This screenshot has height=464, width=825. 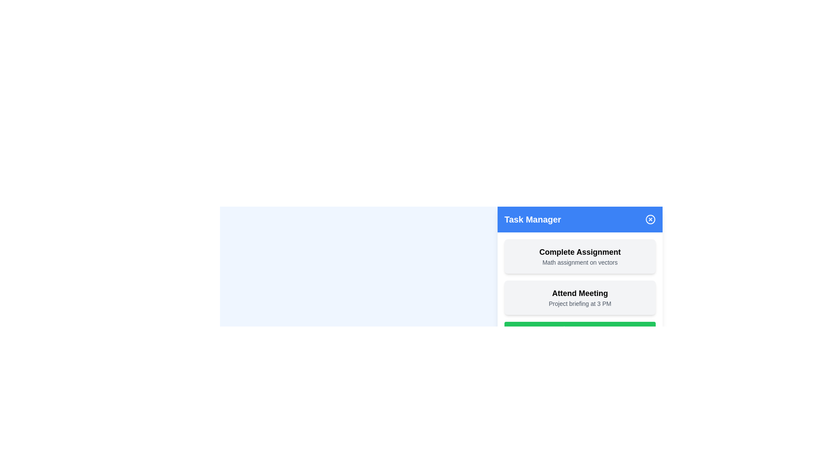 I want to click on the Text Label that serves as the title or label of a task, positioned at the top of its task card with a light gray background, so click(x=580, y=251).